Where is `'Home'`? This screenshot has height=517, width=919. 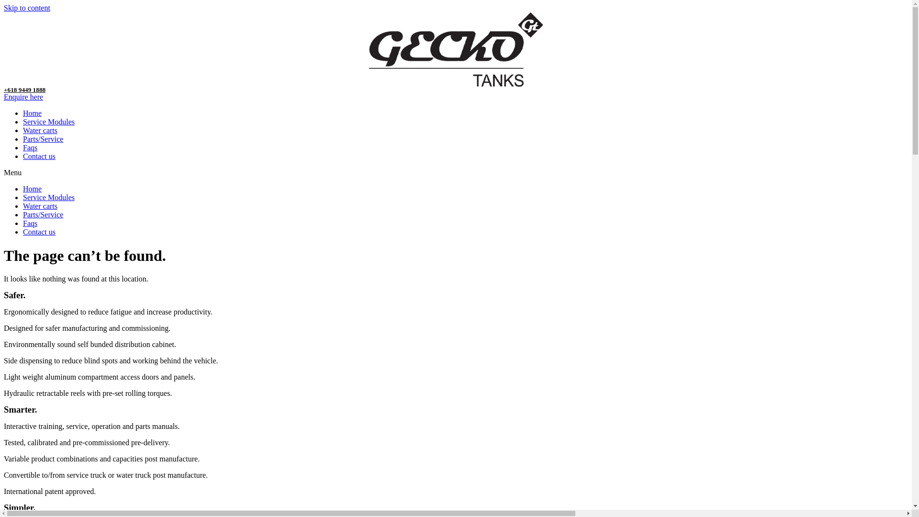 'Home' is located at coordinates (32, 189).